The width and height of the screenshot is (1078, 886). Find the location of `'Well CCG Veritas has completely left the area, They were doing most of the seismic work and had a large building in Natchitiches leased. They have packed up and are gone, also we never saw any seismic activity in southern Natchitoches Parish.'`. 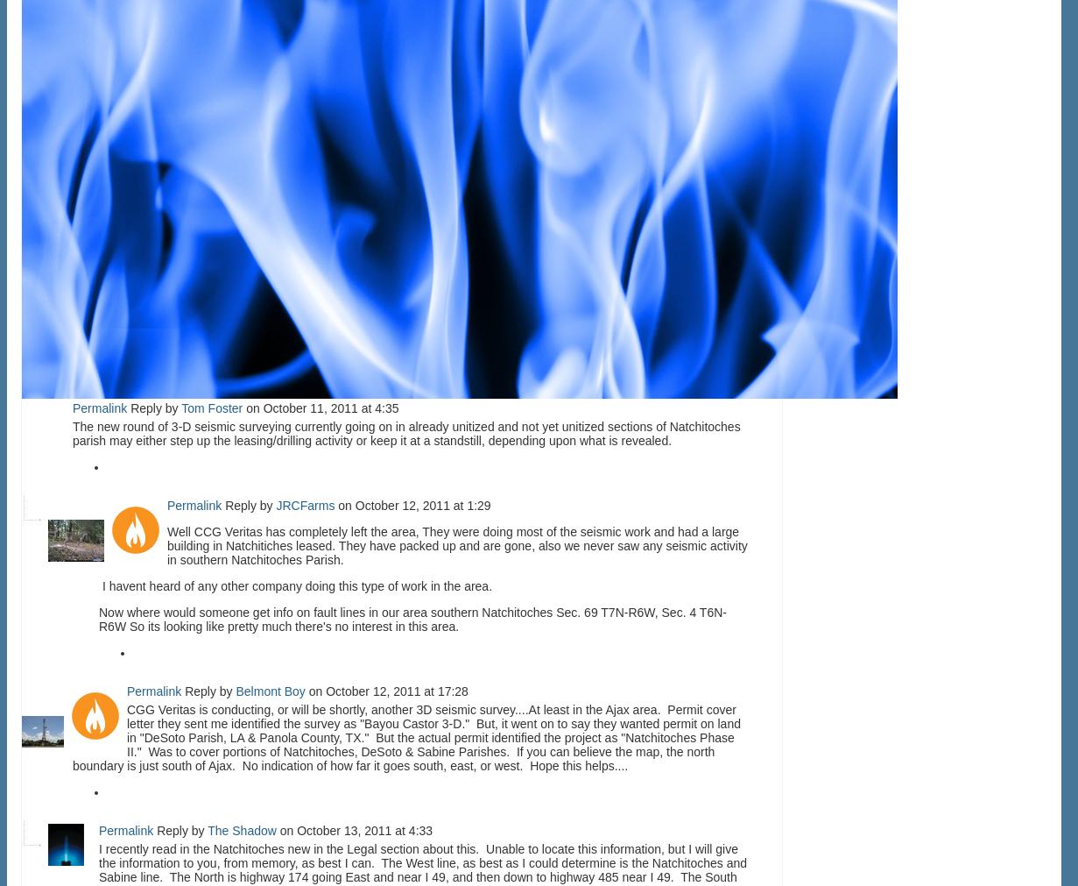

'Well CCG Veritas has completely left the area, They were doing most of the seismic work and had a large building in Natchitiches leased. They have packed up and are gone, also we never saw any seismic activity in southern Natchitoches Parish.' is located at coordinates (456, 545).